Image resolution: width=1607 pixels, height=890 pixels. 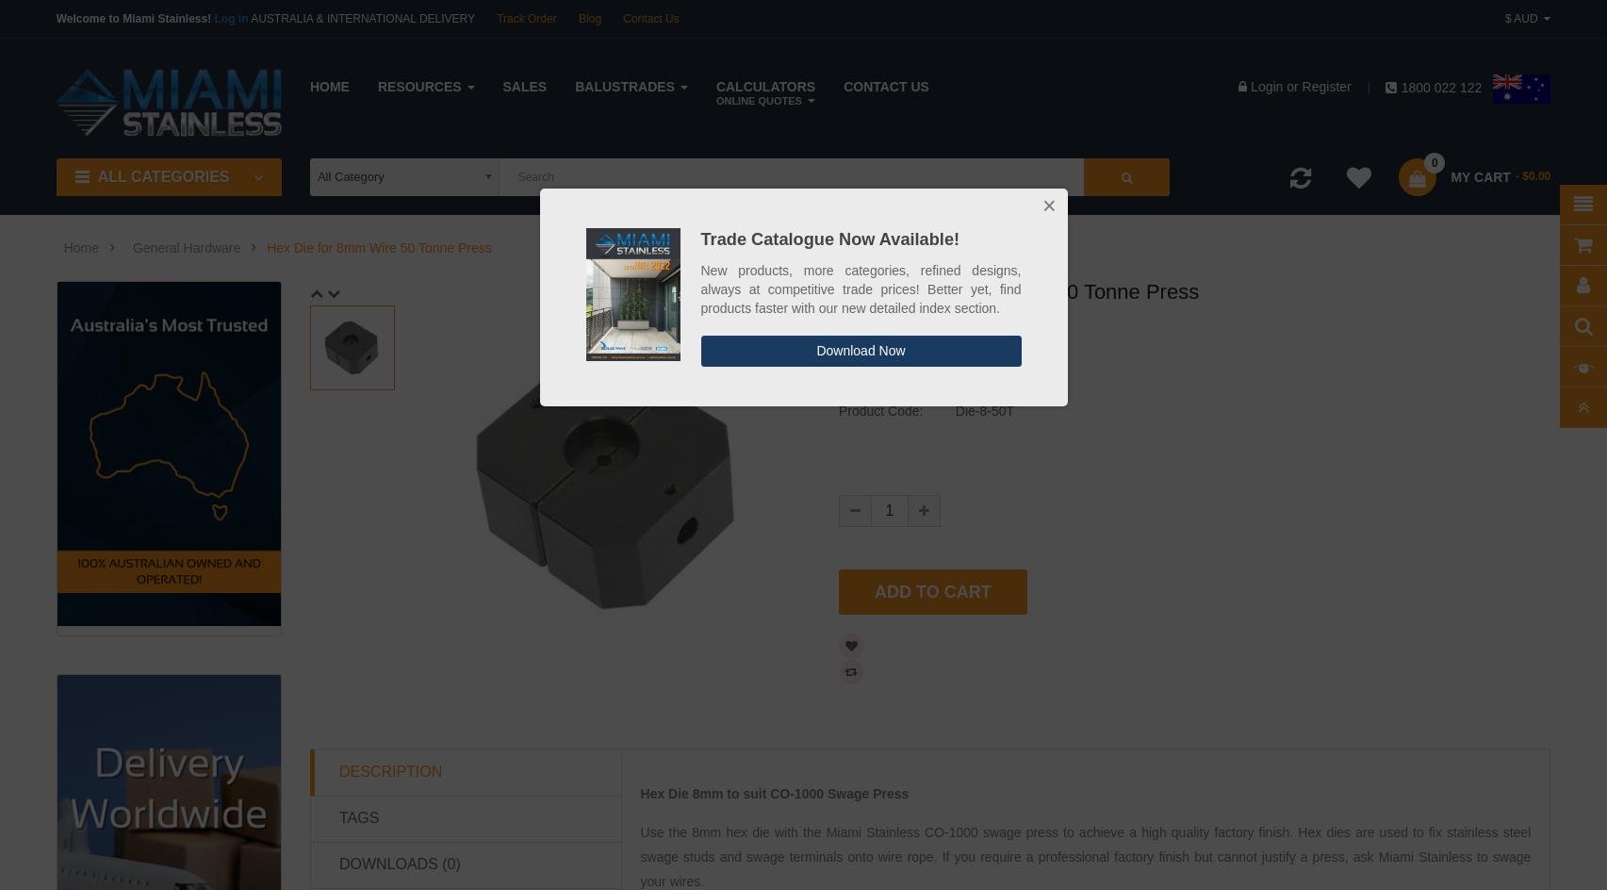 What do you see at coordinates (1517, 204) in the screenshot?
I see `'Categories'` at bounding box center [1517, 204].